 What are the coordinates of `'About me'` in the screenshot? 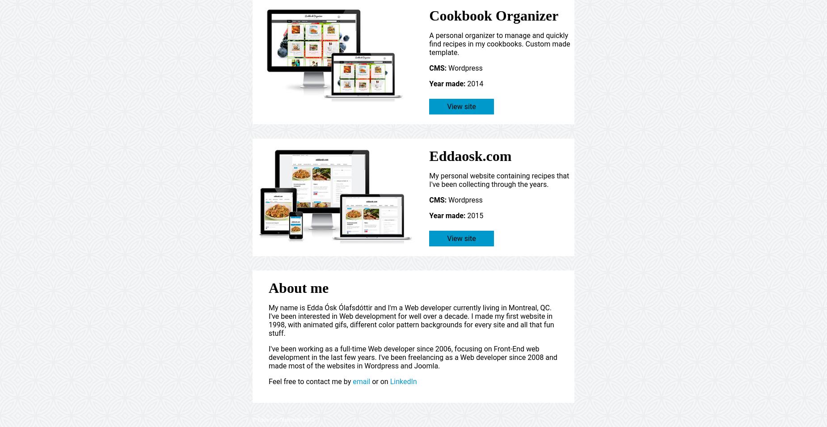 It's located at (299, 287).